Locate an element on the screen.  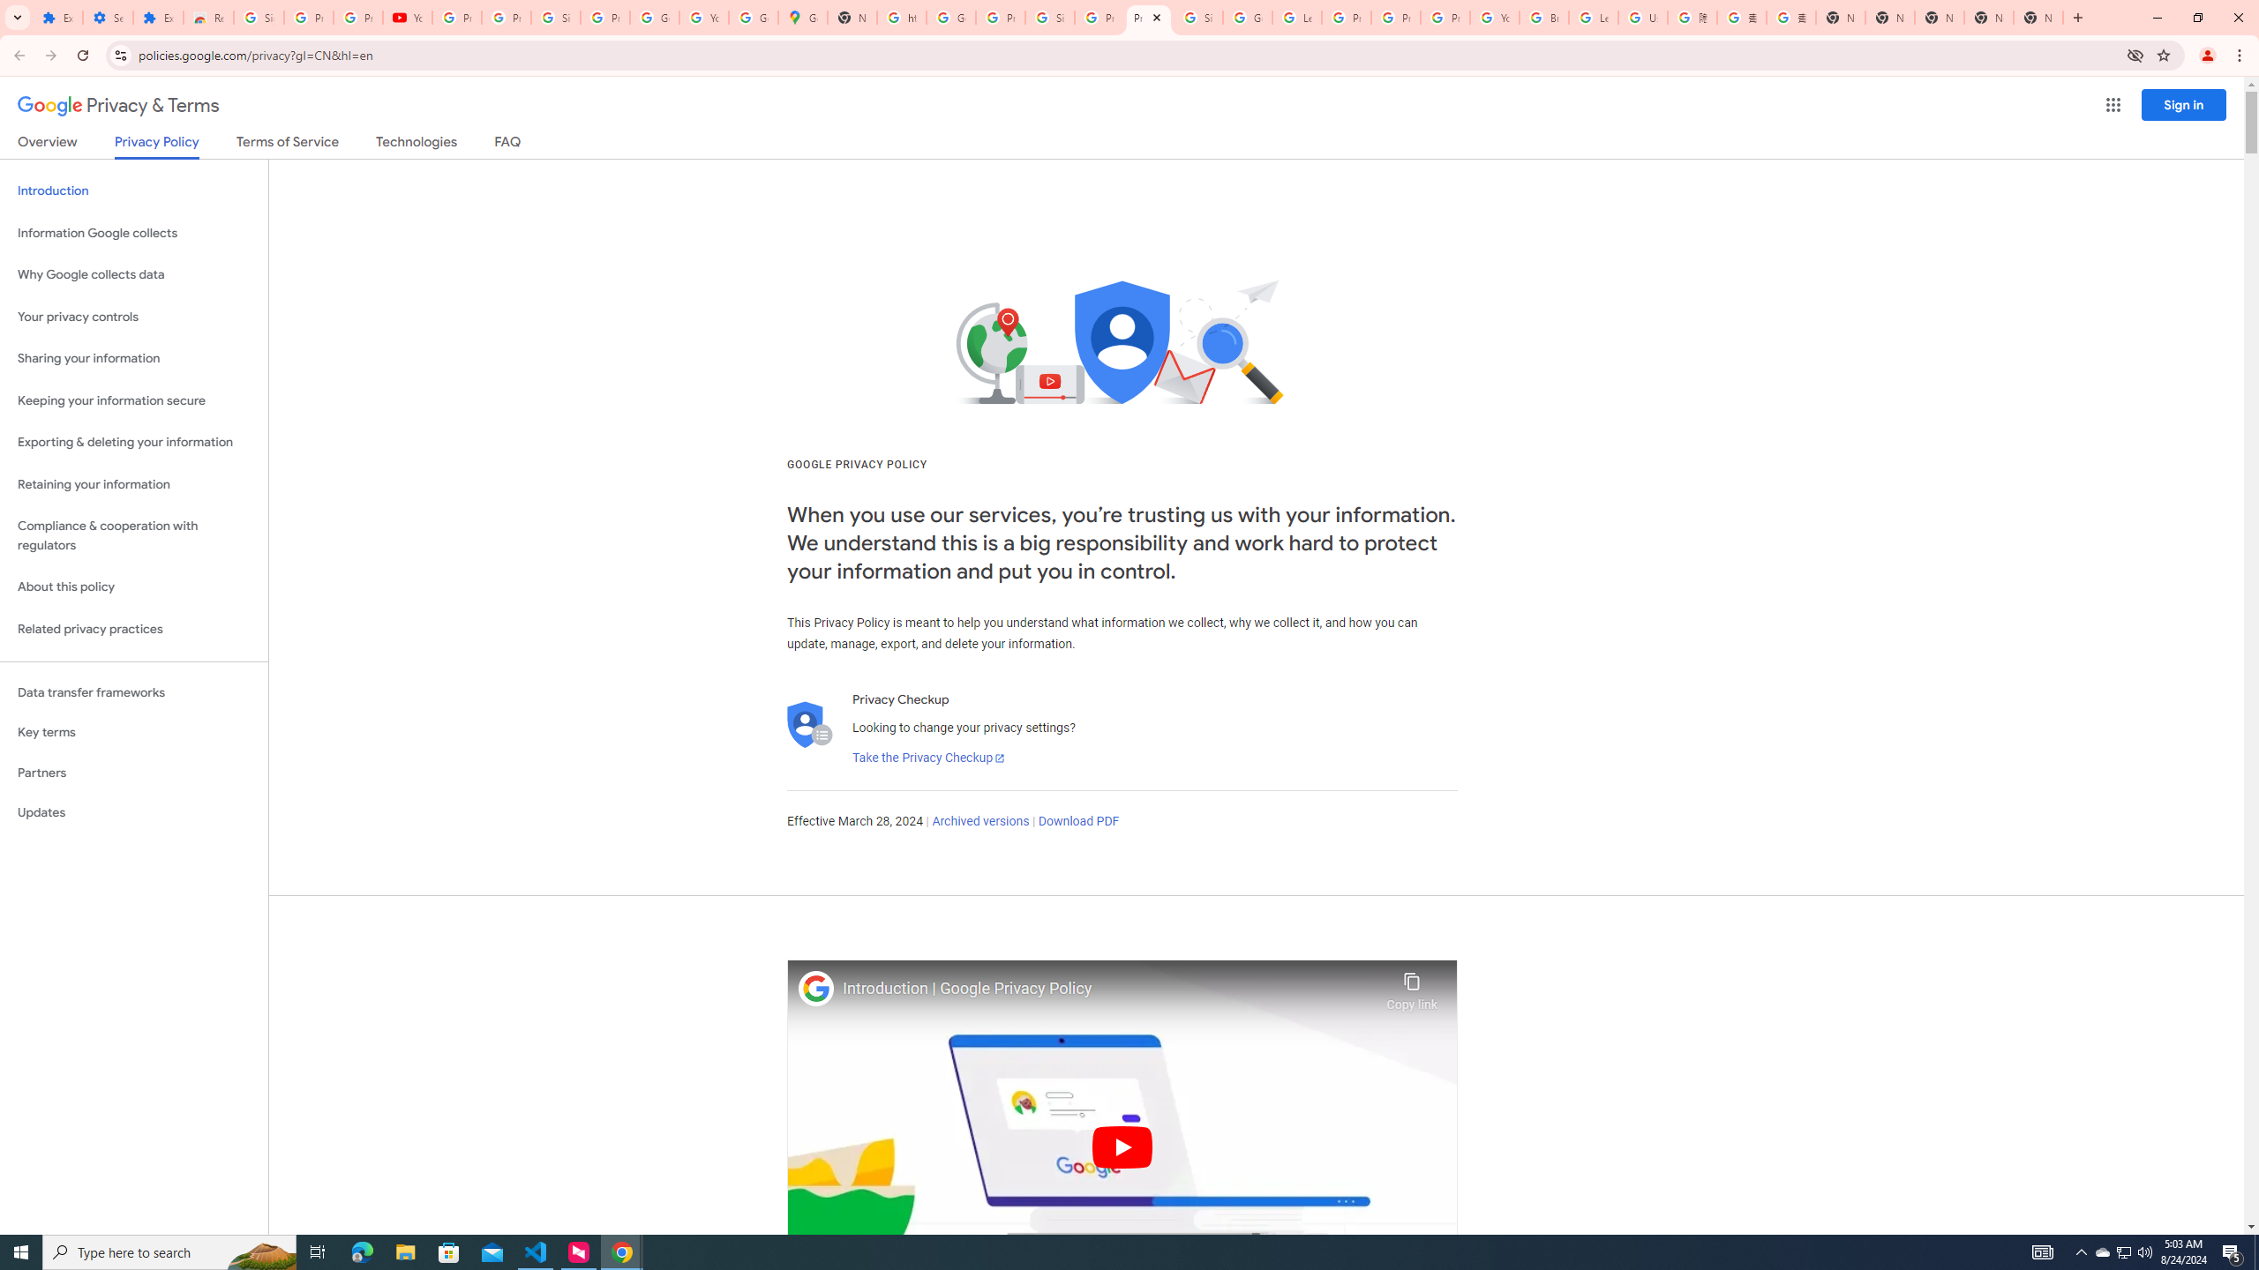
'Related privacy practices' is located at coordinates (133, 628).